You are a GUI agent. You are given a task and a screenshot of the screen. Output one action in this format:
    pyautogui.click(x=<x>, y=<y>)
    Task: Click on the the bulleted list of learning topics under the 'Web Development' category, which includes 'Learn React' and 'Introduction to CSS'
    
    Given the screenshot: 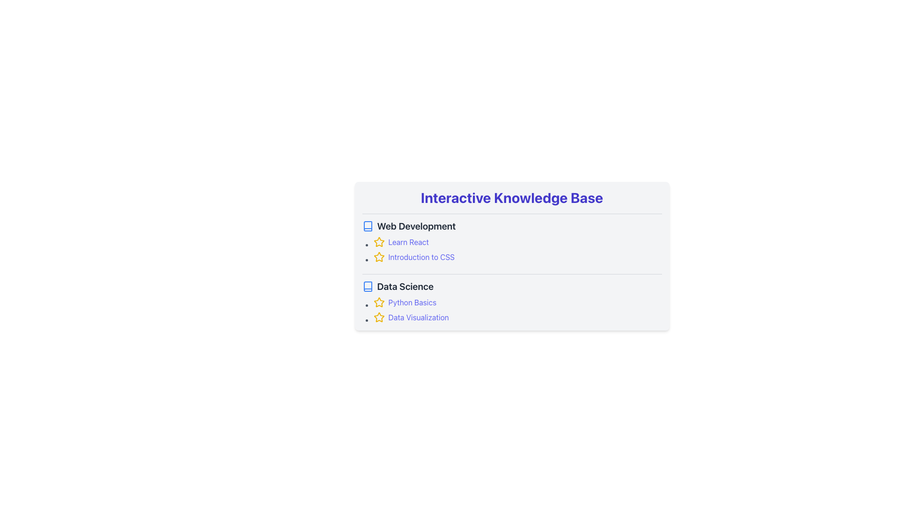 What is the action you would take?
    pyautogui.click(x=511, y=249)
    